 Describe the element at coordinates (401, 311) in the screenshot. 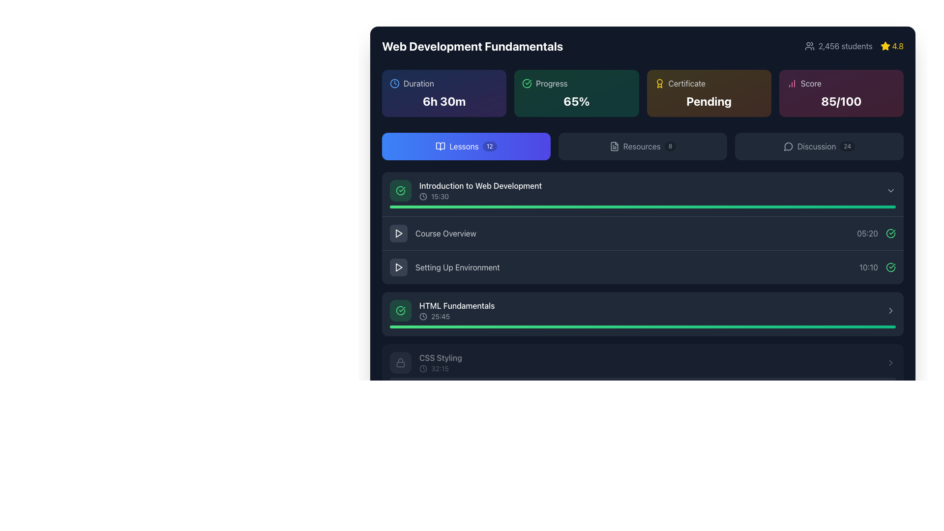

I see `the green checkmark icon with a circular shape, located to the left of the text 'HTML Fundamentals'` at that location.